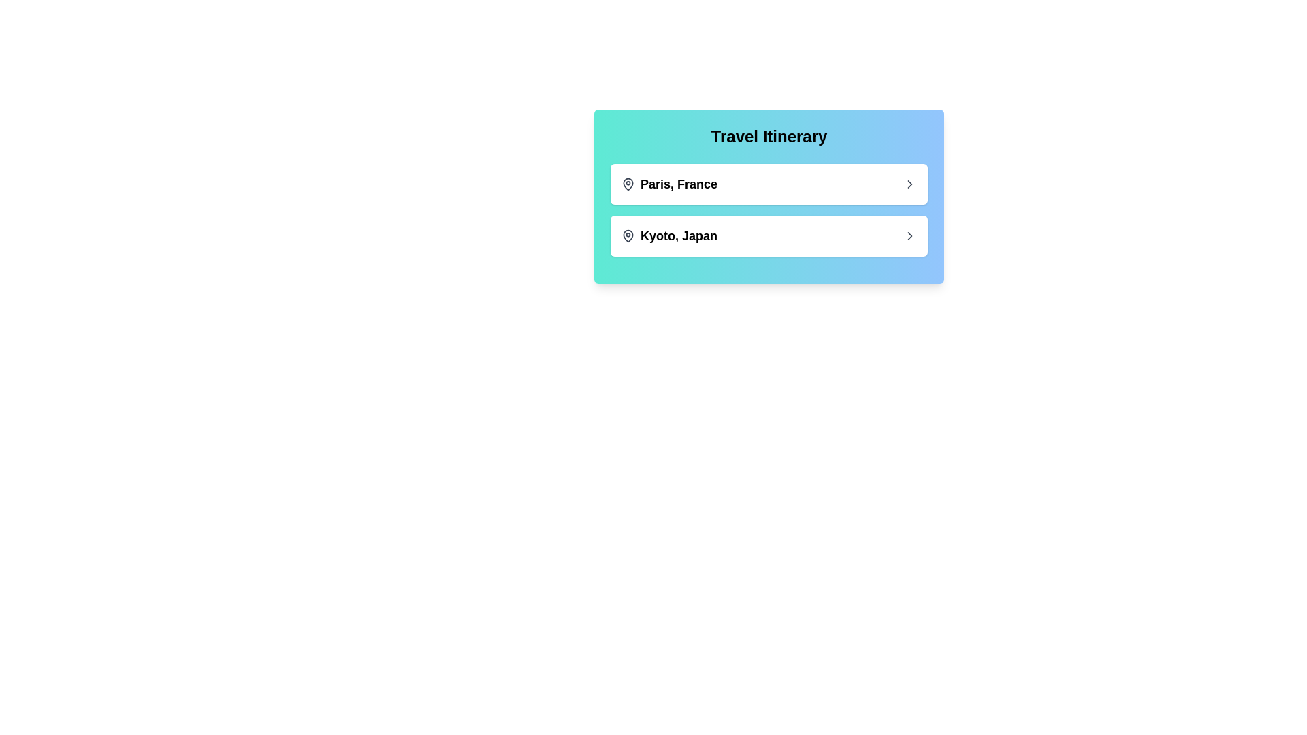 The width and height of the screenshot is (1307, 735). I want to click on the selectable location option button for 'Kyoto, Japan', which is the second item in the list of locations under 'Travel Itinerary', so click(769, 235).